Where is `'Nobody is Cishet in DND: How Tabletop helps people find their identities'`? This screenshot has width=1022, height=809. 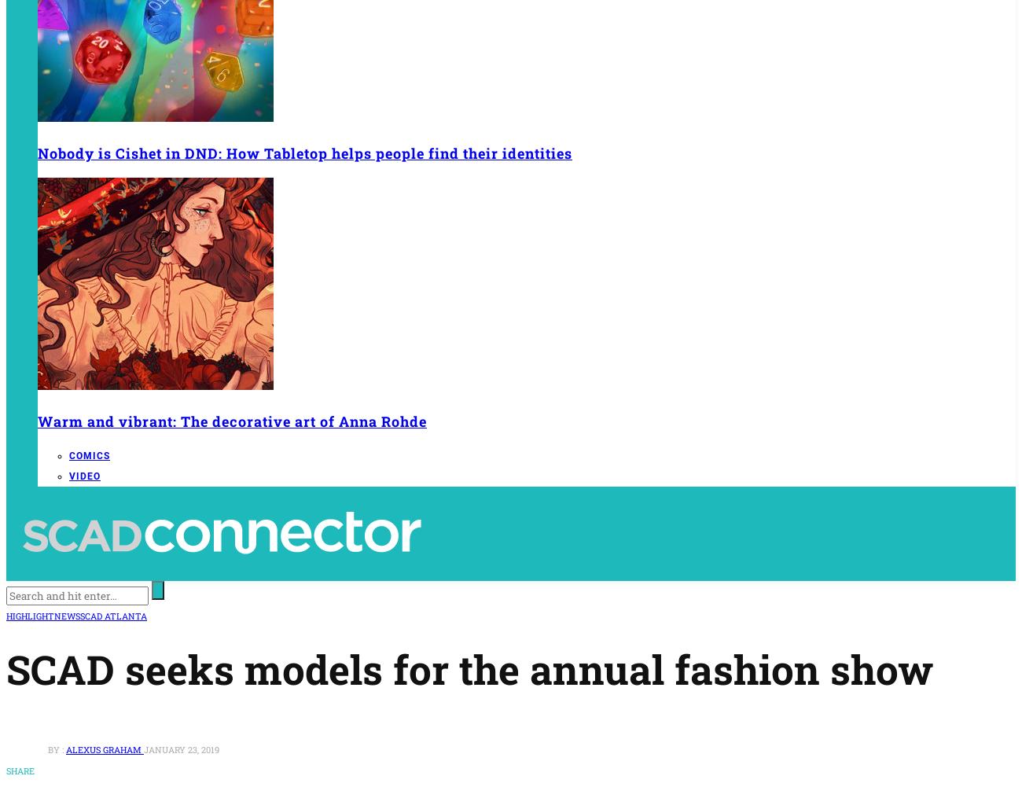 'Nobody is Cishet in DND: How Tabletop helps people find their identities' is located at coordinates (305, 153).